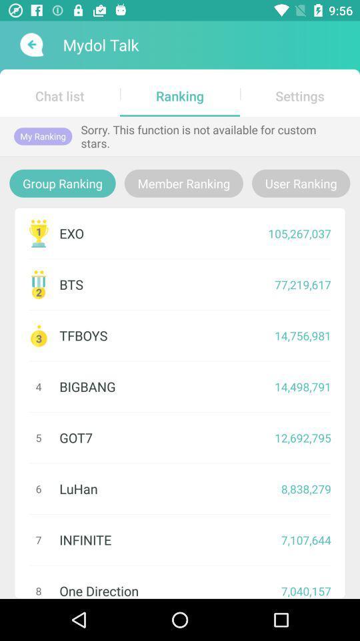 Image resolution: width=360 pixels, height=641 pixels. What do you see at coordinates (61, 182) in the screenshot?
I see `group ranking item` at bounding box center [61, 182].